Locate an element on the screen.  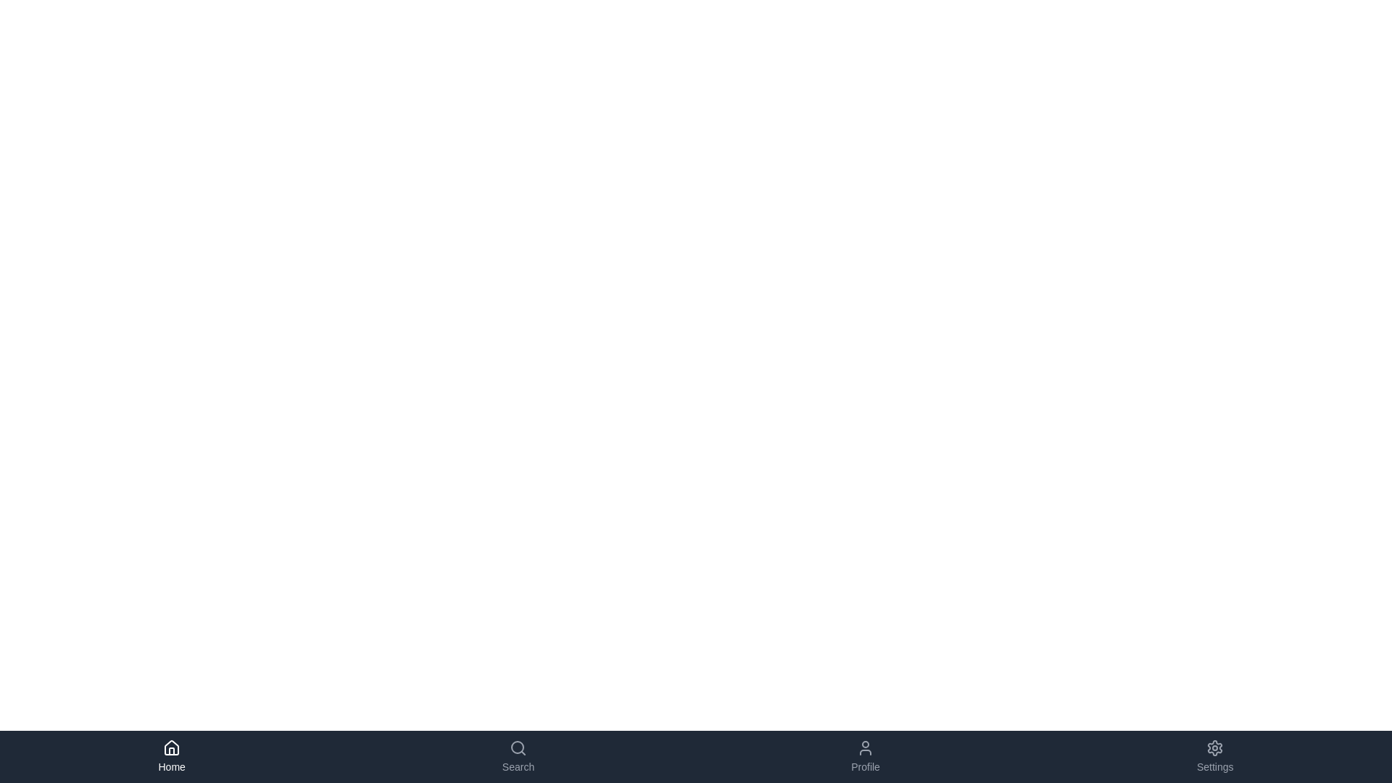
the circular center of the magnifying glass search icon located in the bottom navigation bar, which is the second icon from the left is located at coordinates (518, 747).